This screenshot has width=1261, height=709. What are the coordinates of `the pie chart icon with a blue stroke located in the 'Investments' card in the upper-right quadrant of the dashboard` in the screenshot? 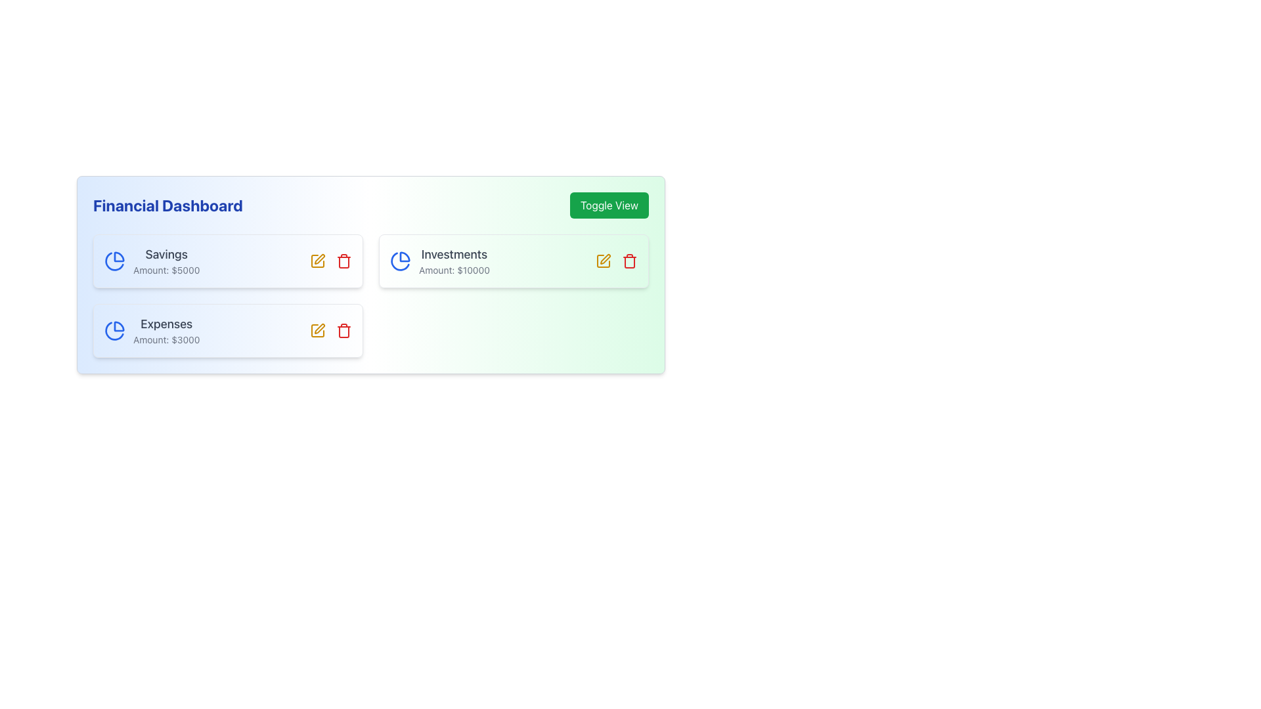 It's located at (399, 261).